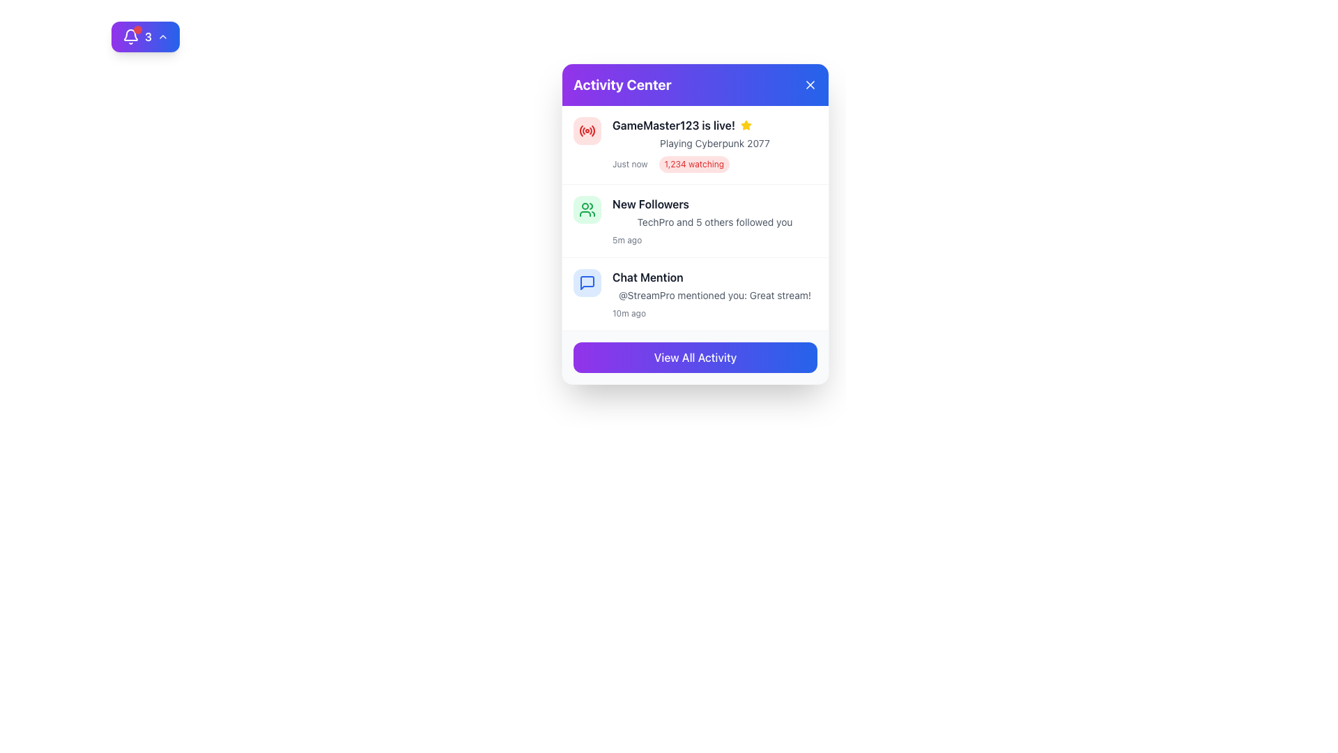  Describe the element at coordinates (650, 204) in the screenshot. I see `the 'New Followers' text label displayed in bold within the notification card in the Activity Center` at that location.